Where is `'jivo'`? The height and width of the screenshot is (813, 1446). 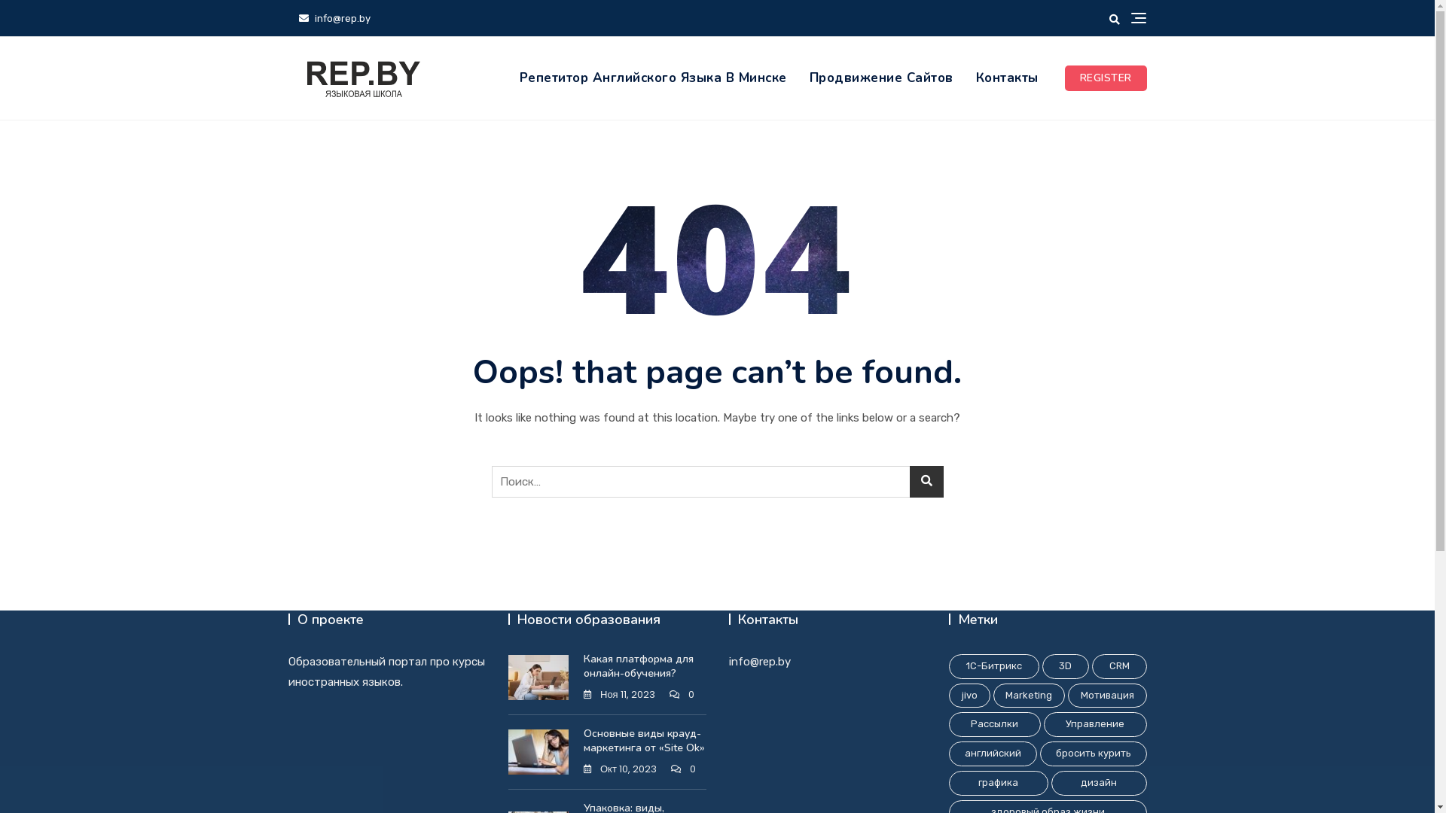 'jivo' is located at coordinates (969, 696).